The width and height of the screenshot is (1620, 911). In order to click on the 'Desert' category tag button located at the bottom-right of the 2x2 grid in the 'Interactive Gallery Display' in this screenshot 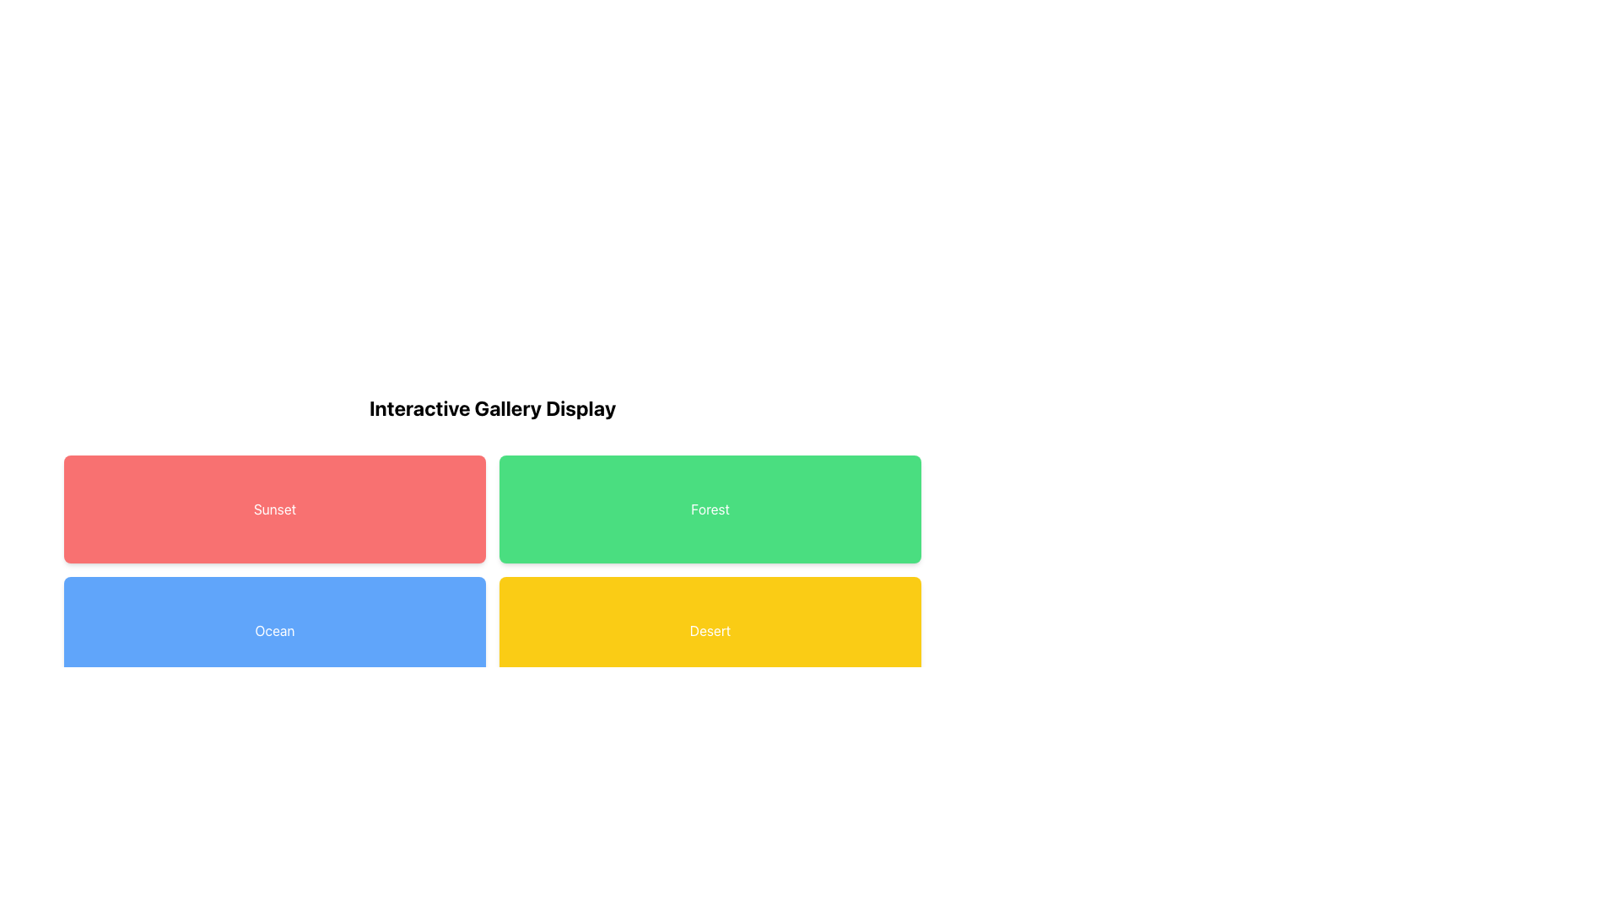, I will do `click(710, 631)`.